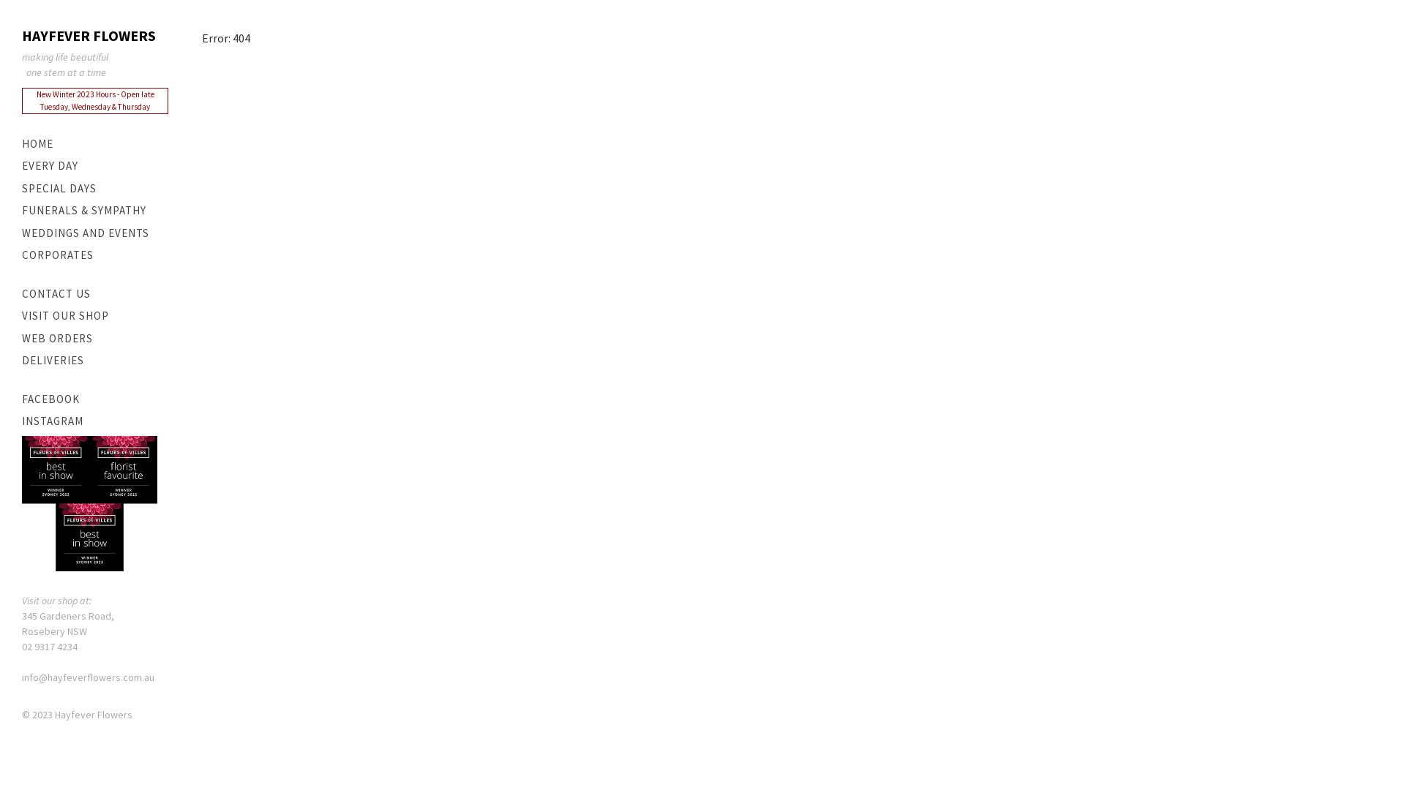 The image size is (1405, 790). What do you see at coordinates (21, 165) in the screenshot?
I see `'EVERY DAY'` at bounding box center [21, 165].